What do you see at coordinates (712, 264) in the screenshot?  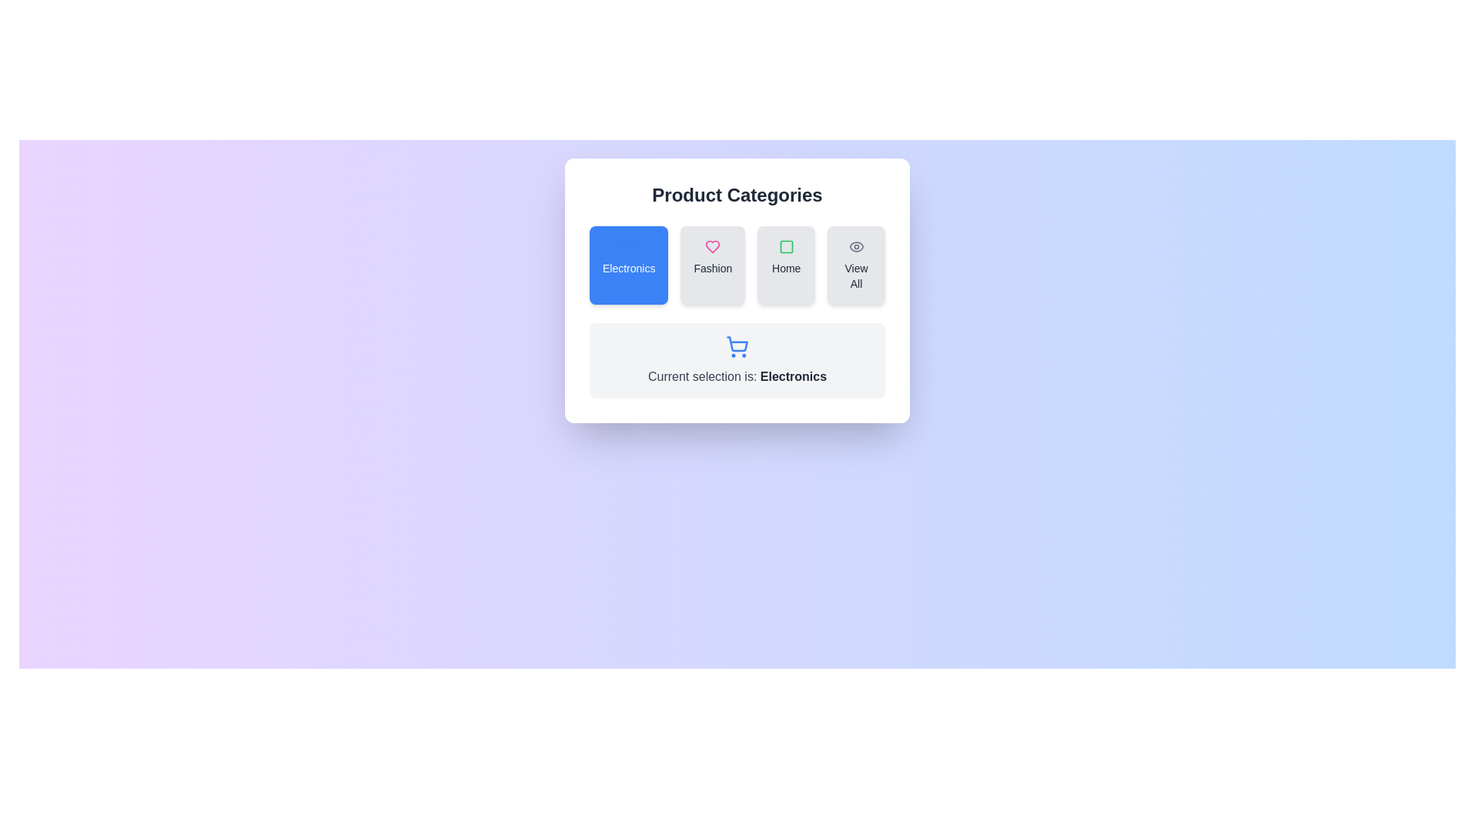 I see `the 'Fashion' category button` at bounding box center [712, 264].